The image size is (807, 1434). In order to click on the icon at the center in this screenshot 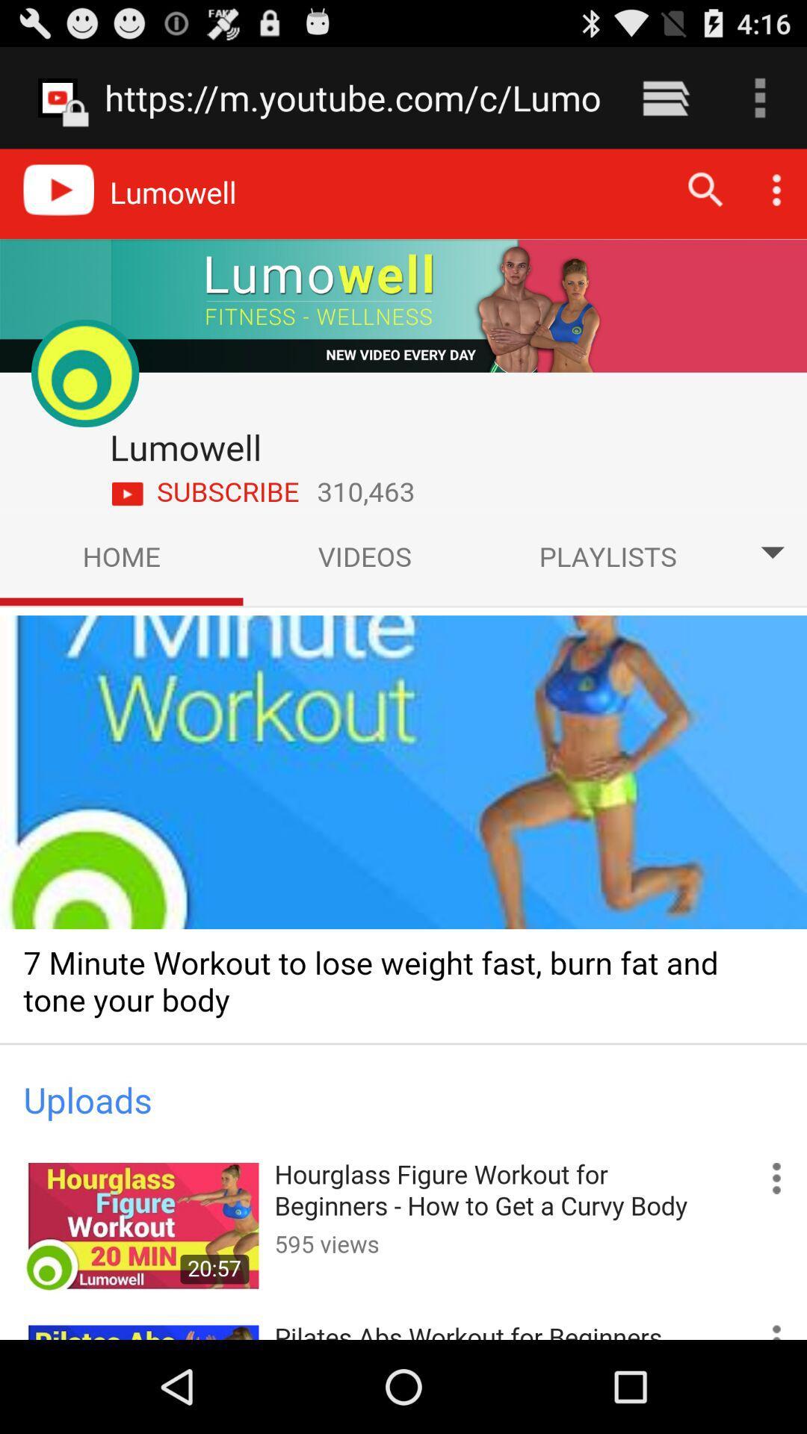, I will do `click(403, 744)`.